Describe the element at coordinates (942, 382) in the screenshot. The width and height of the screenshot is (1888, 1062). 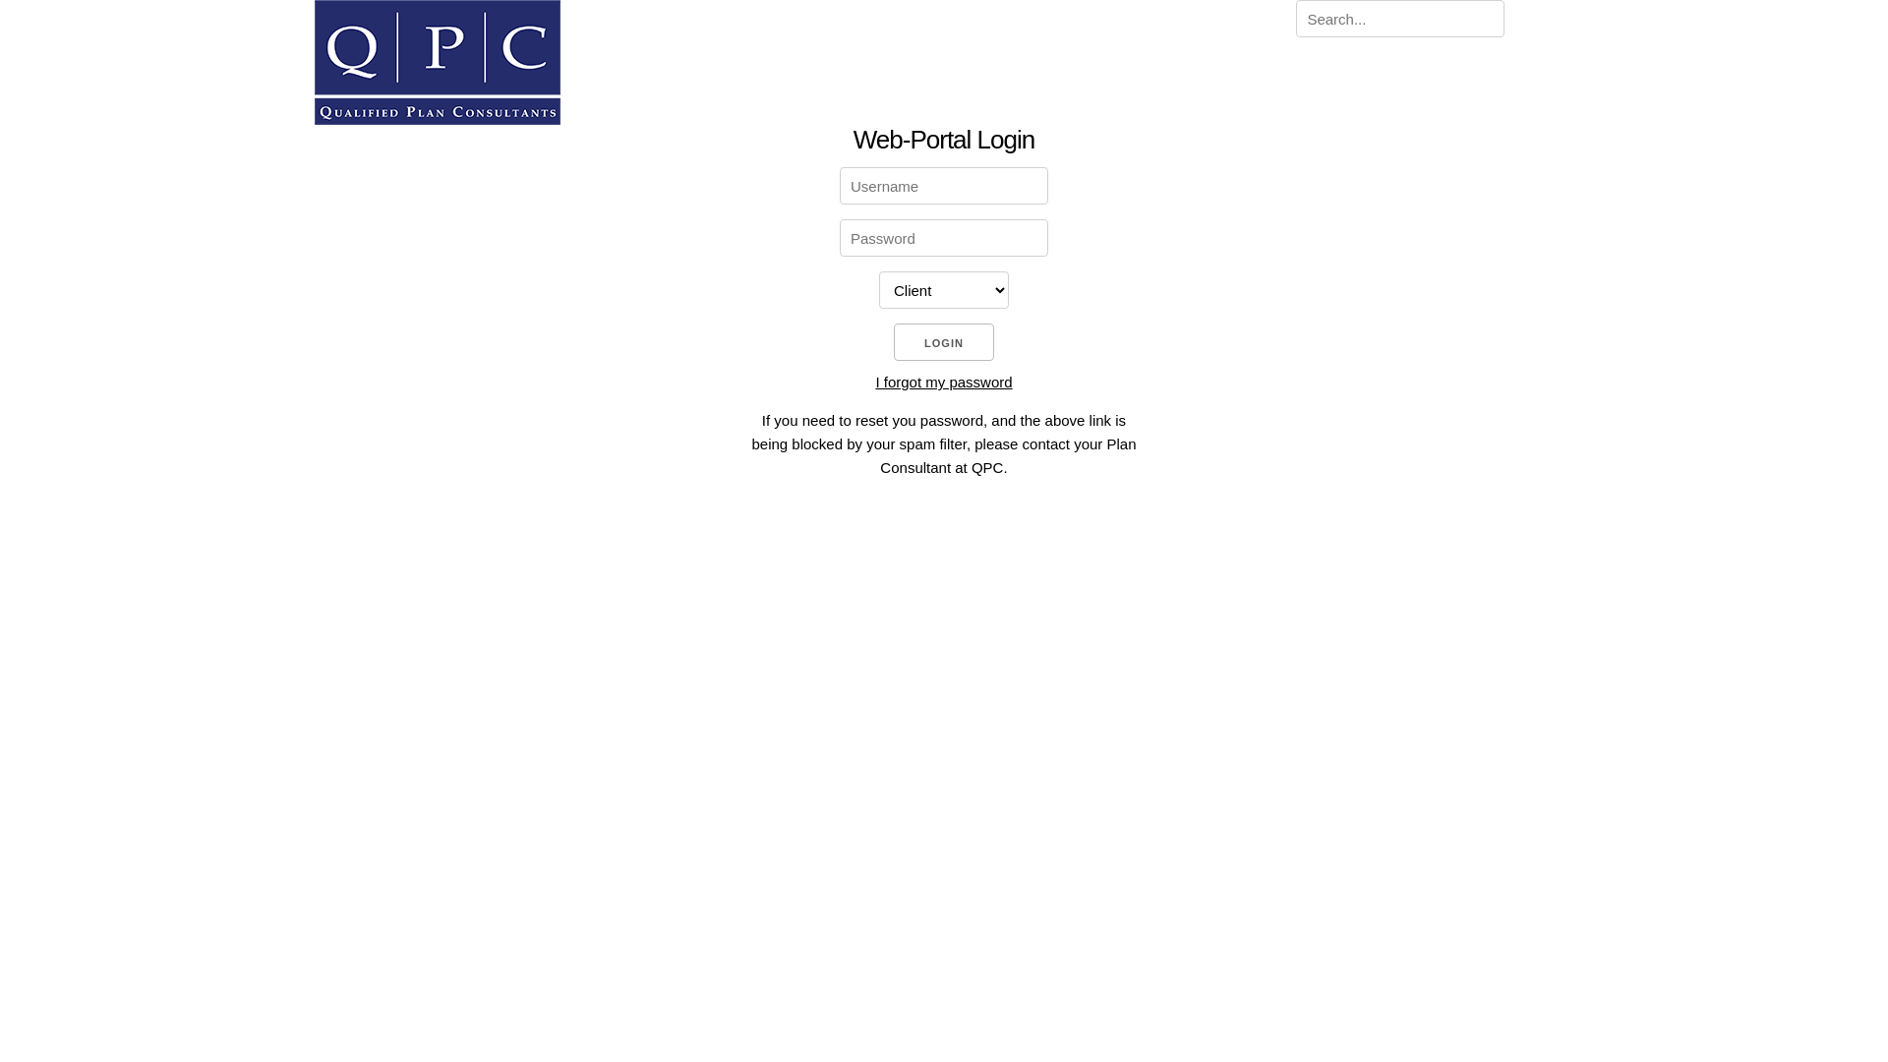
I see `'I forgot my password'` at that location.